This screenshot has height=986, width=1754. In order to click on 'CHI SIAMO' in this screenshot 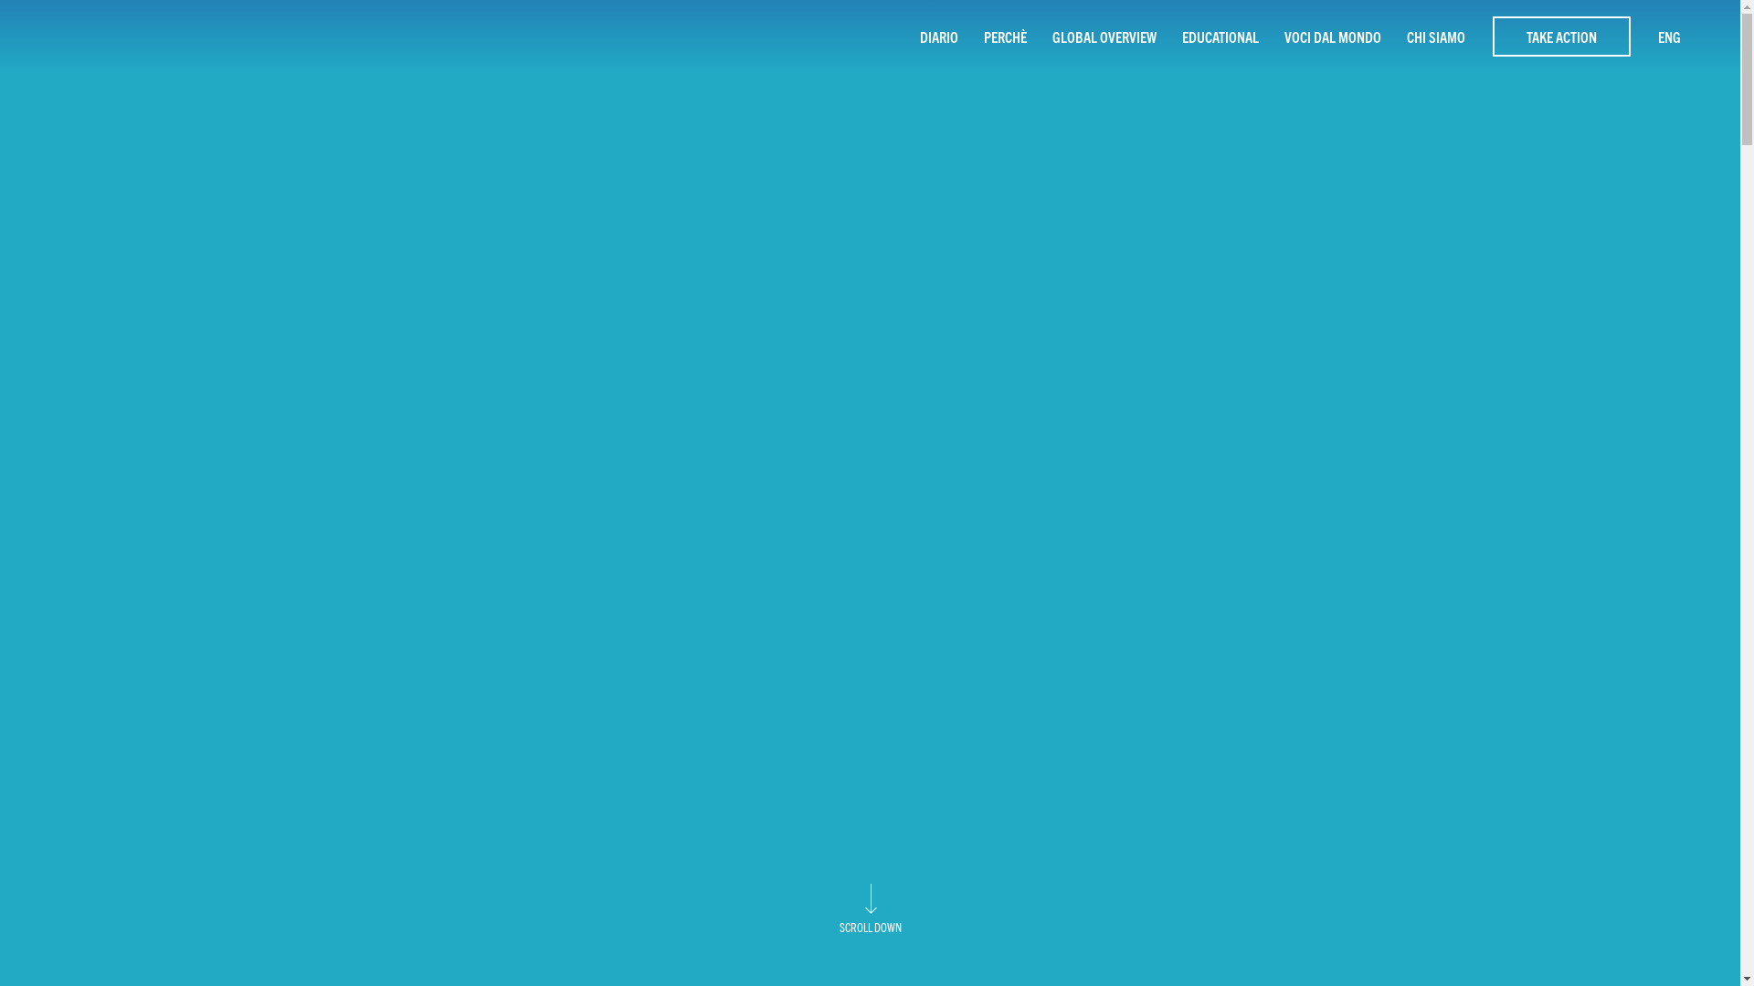, I will do `click(1435, 36)`.